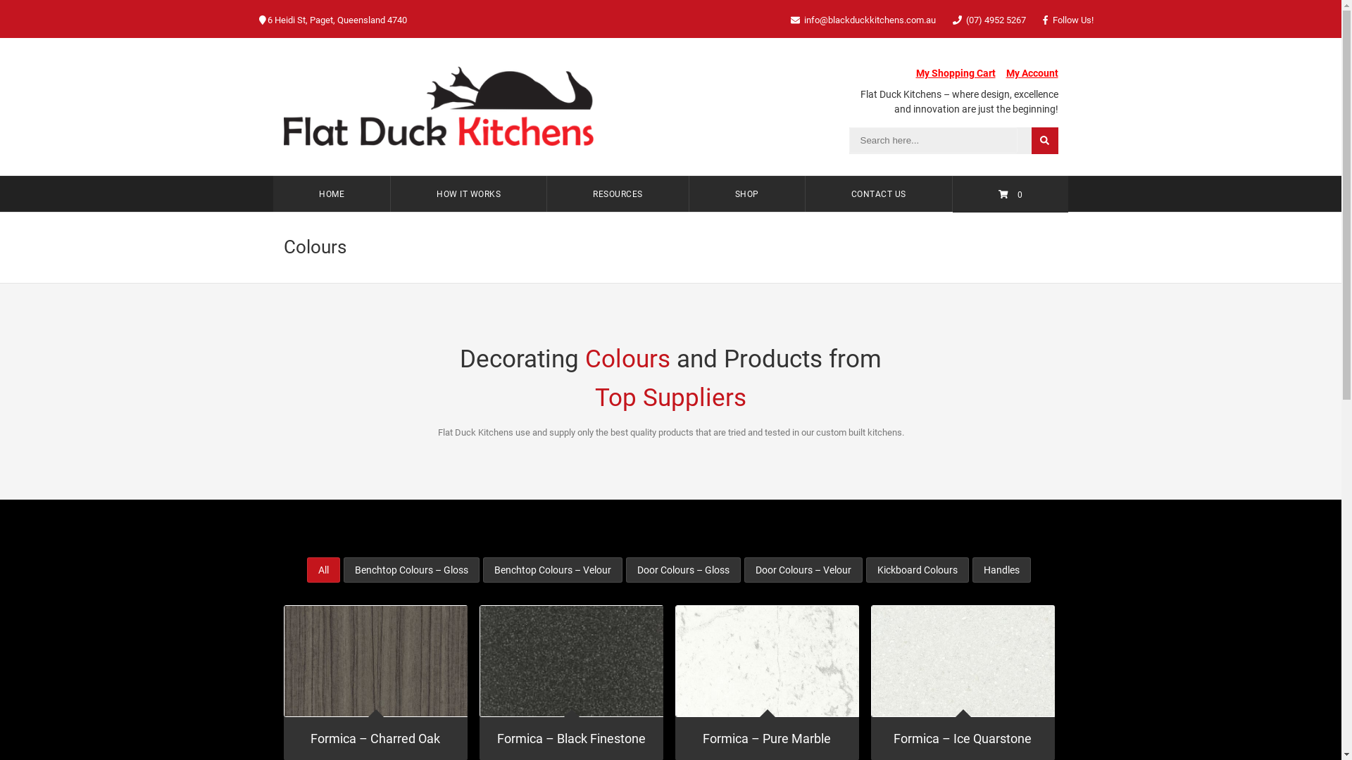  Describe the element at coordinates (746, 194) in the screenshot. I see `'SHOP'` at that location.